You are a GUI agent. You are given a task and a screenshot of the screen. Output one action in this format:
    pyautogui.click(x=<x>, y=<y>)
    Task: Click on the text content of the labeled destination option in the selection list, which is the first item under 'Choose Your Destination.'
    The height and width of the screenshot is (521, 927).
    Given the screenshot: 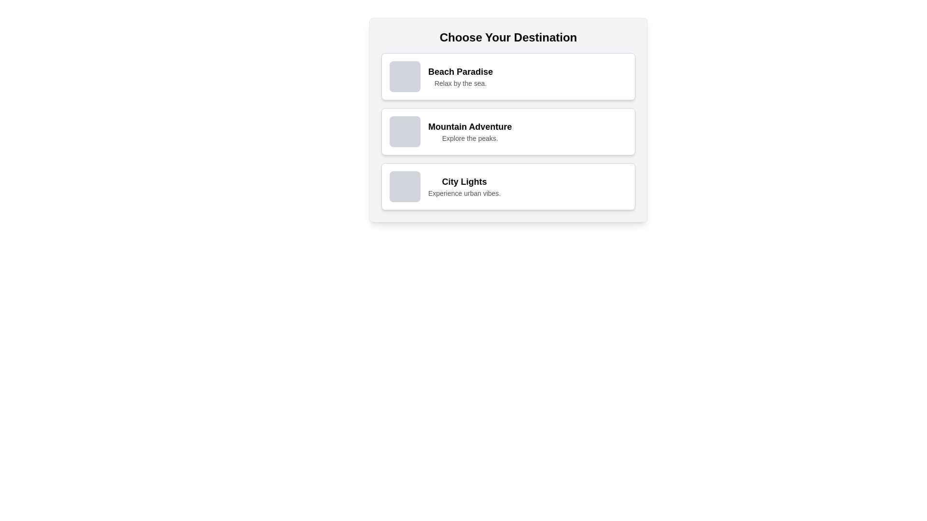 What is the action you would take?
    pyautogui.click(x=460, y=76)
    